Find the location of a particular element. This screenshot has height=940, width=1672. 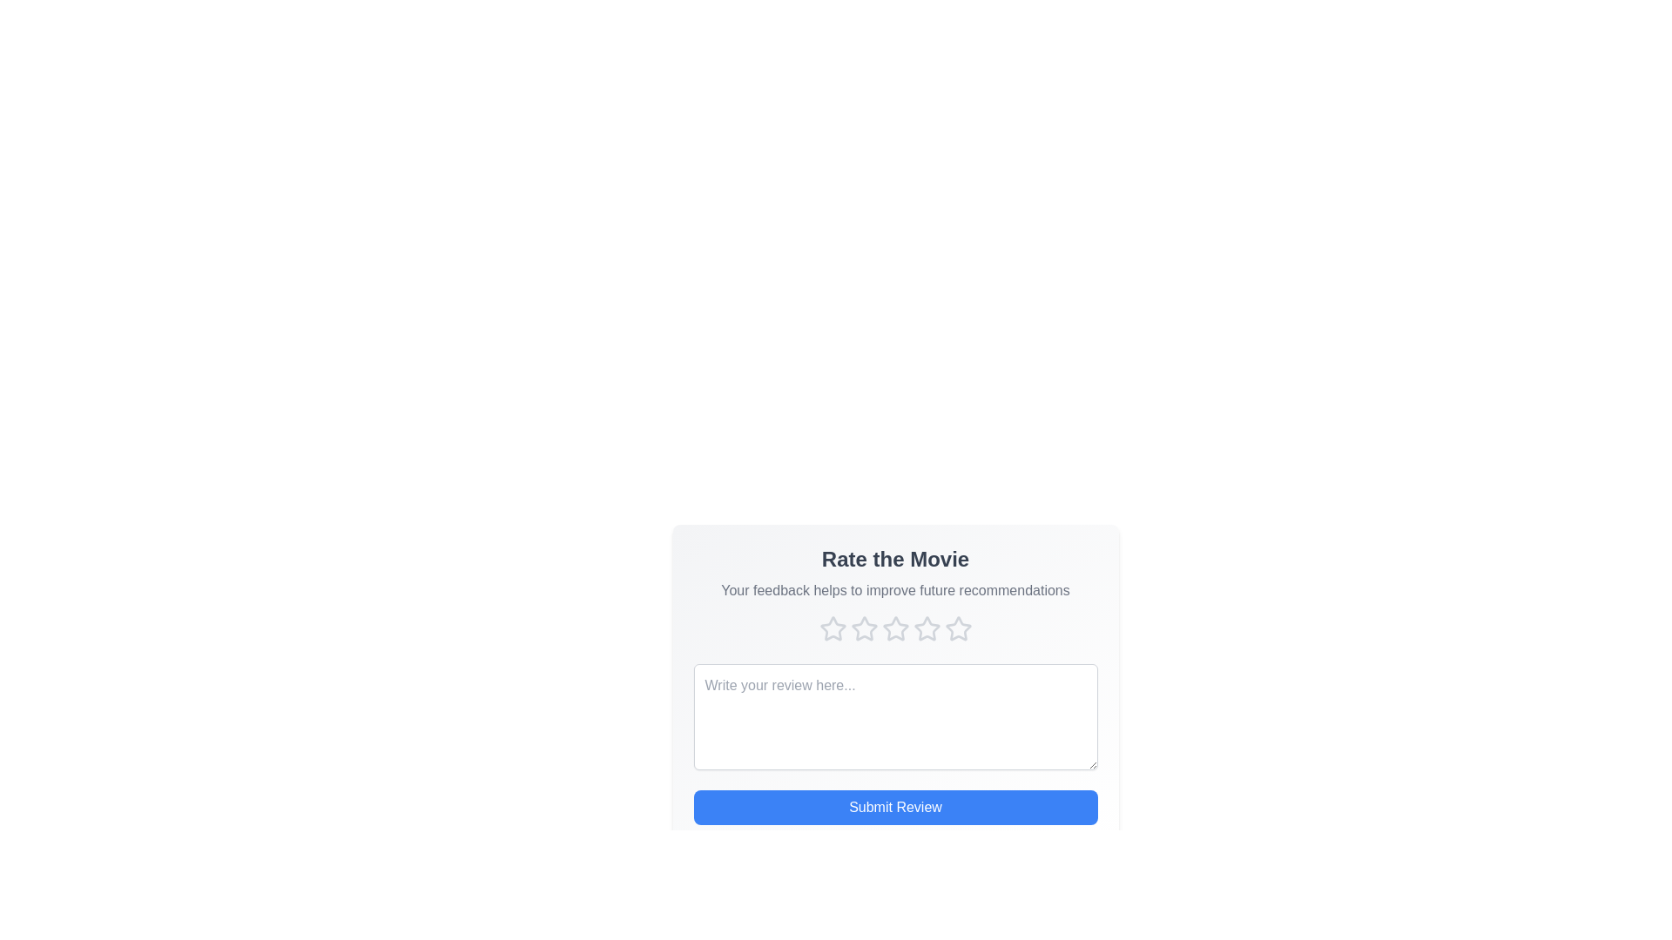

the third star icon in the rating section under the 'Rate the Movie' heading to rate it is located at coordinates (895, 628).